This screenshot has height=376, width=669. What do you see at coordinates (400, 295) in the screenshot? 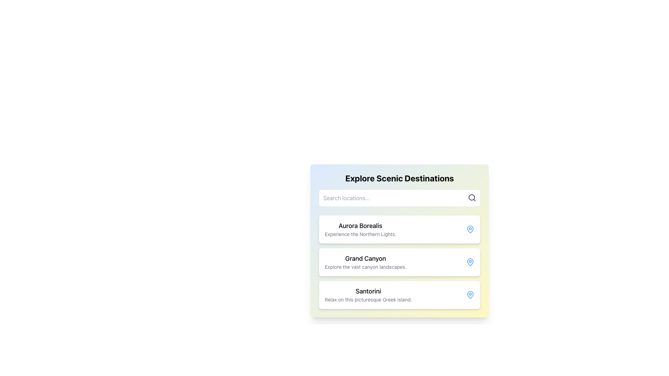
I see `the 'Santorini' list item card, which is the third card in the 'Explore Scenic Destinations' section, featuring a bold title and a map pin icon` at bounding box center [400, 295].